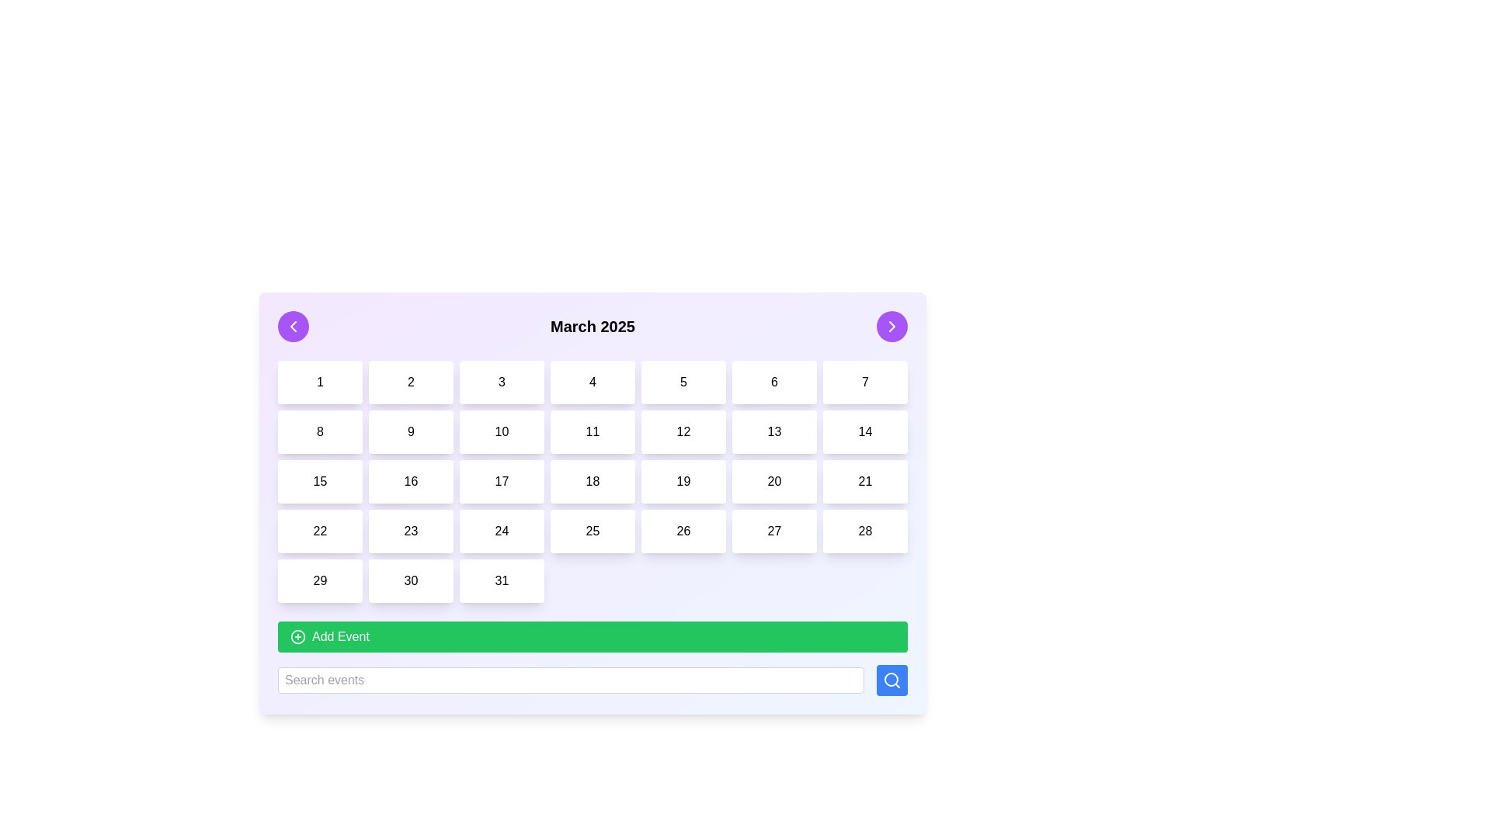  I want to click on the circular '+' button with a green background located to the left of the 'Add Event' label, so click(298, 637).